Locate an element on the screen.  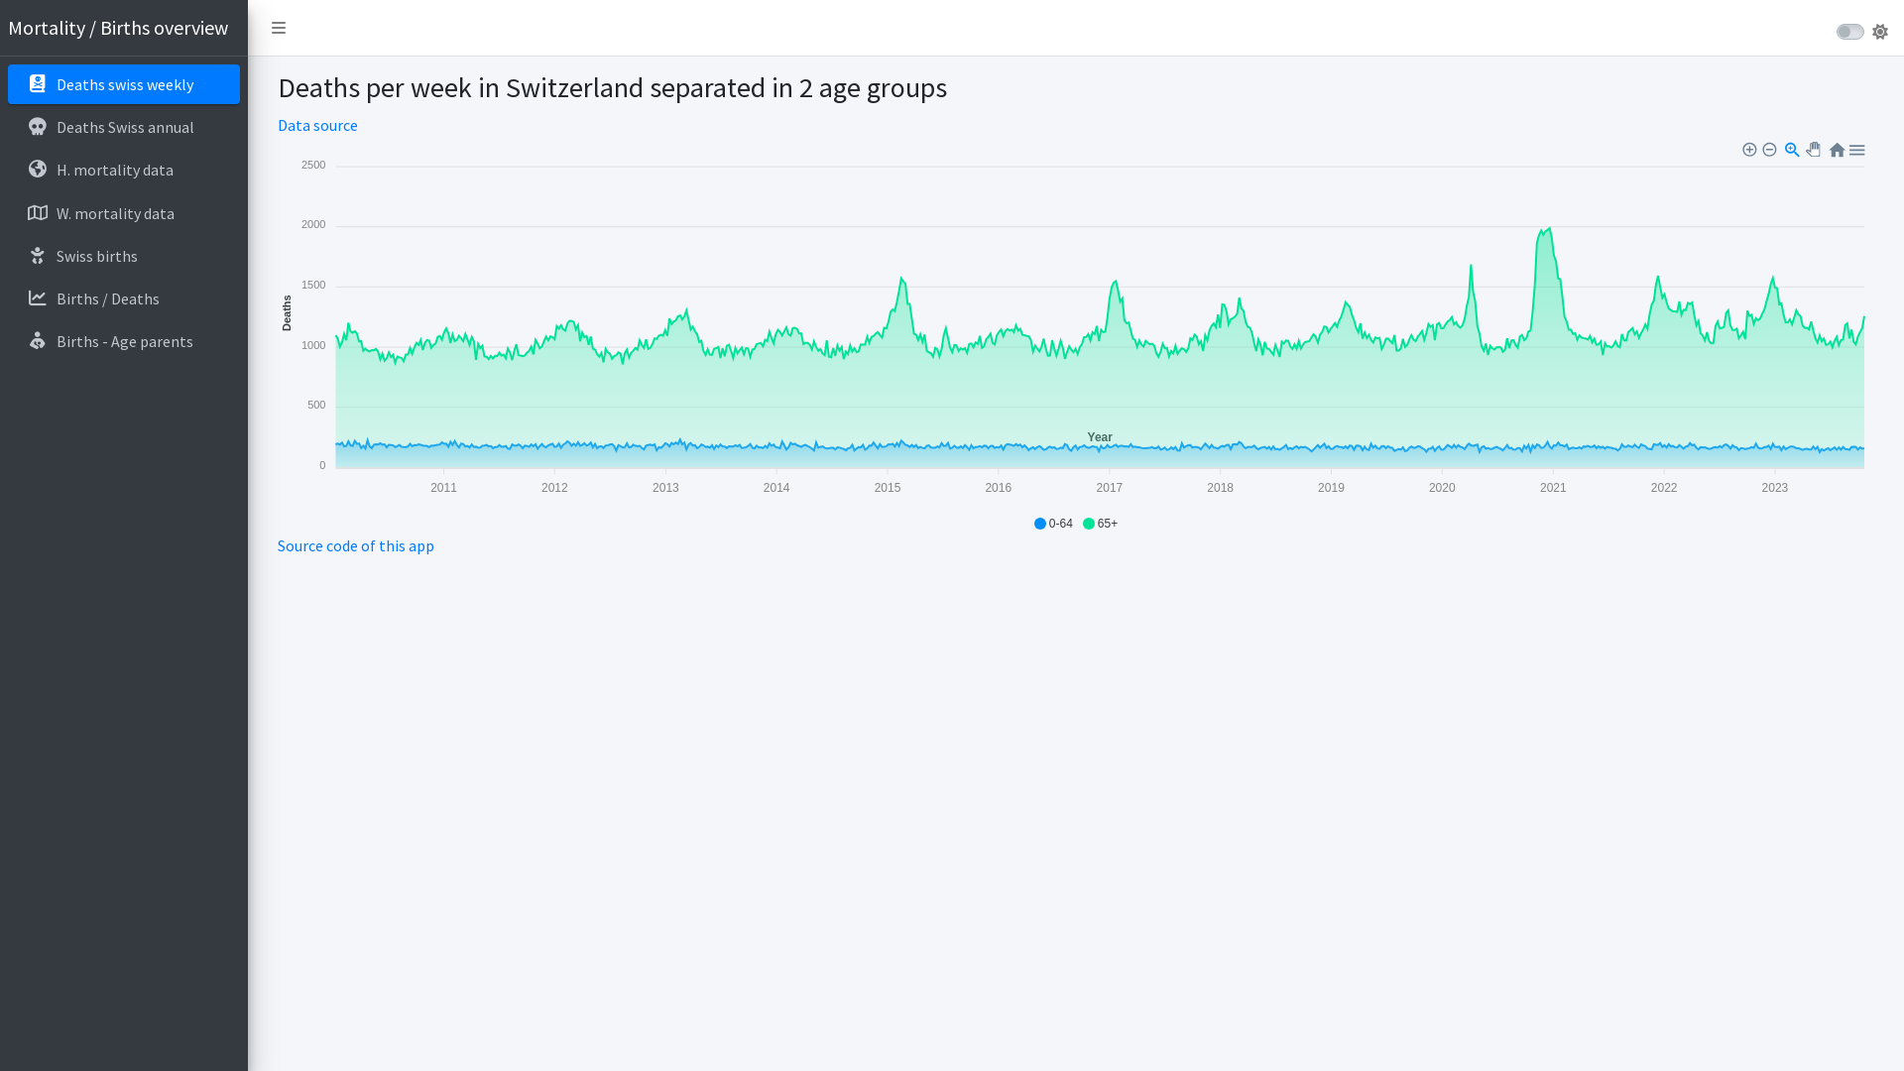
'Data source' is located at coordinates (317, 125).